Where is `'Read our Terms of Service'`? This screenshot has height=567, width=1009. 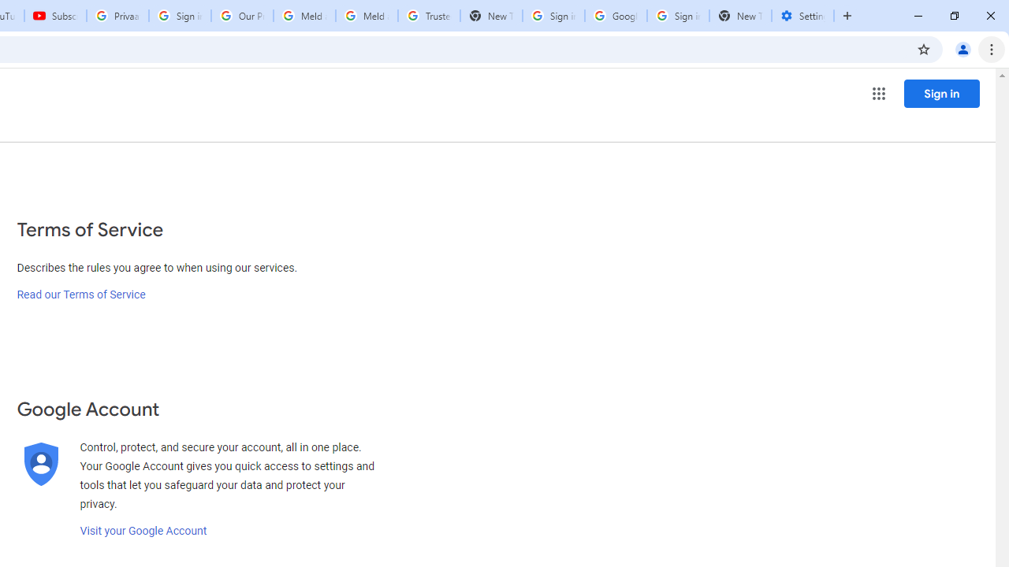 'Read our Terms of Service' is located at coordinates (80, 295).